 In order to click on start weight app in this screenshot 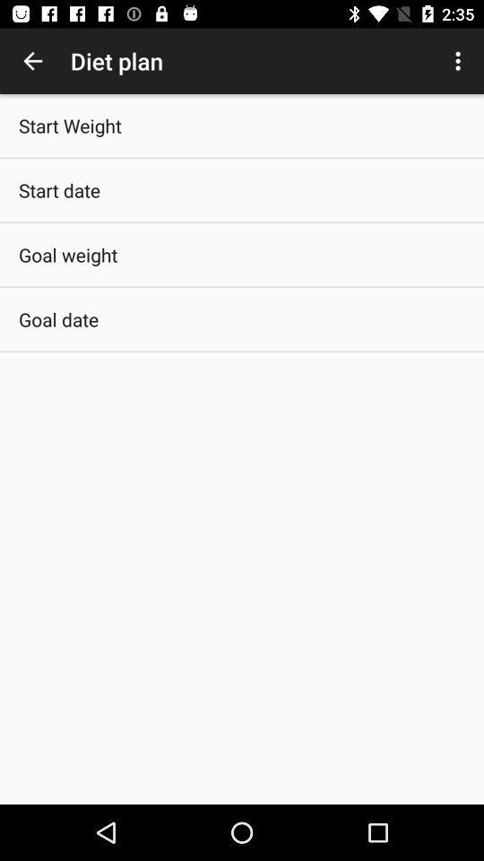, I will do `click(69, 125)`.